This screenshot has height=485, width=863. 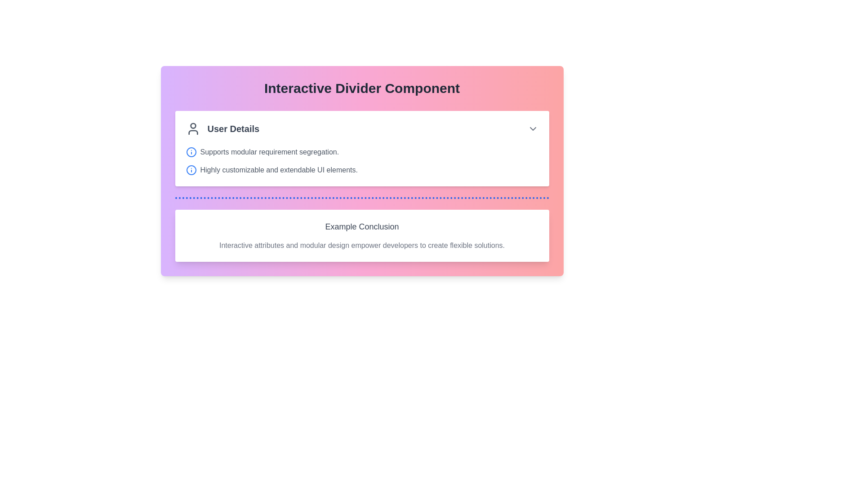 What do you see at coordinates (233, 128) in the screenshot?
I see `the Text Label that serves as a static heading providing context to the section, positioned to the right of a person icon` at bounding box center [233, 128].